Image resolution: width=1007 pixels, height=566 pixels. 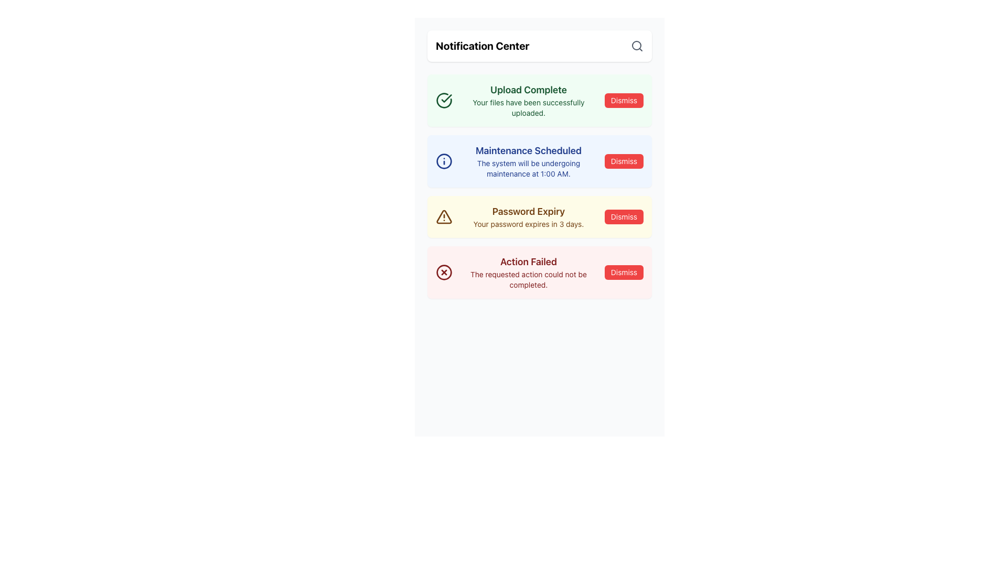 What do you see at coordinates (444, 216) in the screenshot?
I see `the warning icon for the 'Password Expiry' notification, which is located in the third notification row with a yellow background` at bounding box center [444, 216].